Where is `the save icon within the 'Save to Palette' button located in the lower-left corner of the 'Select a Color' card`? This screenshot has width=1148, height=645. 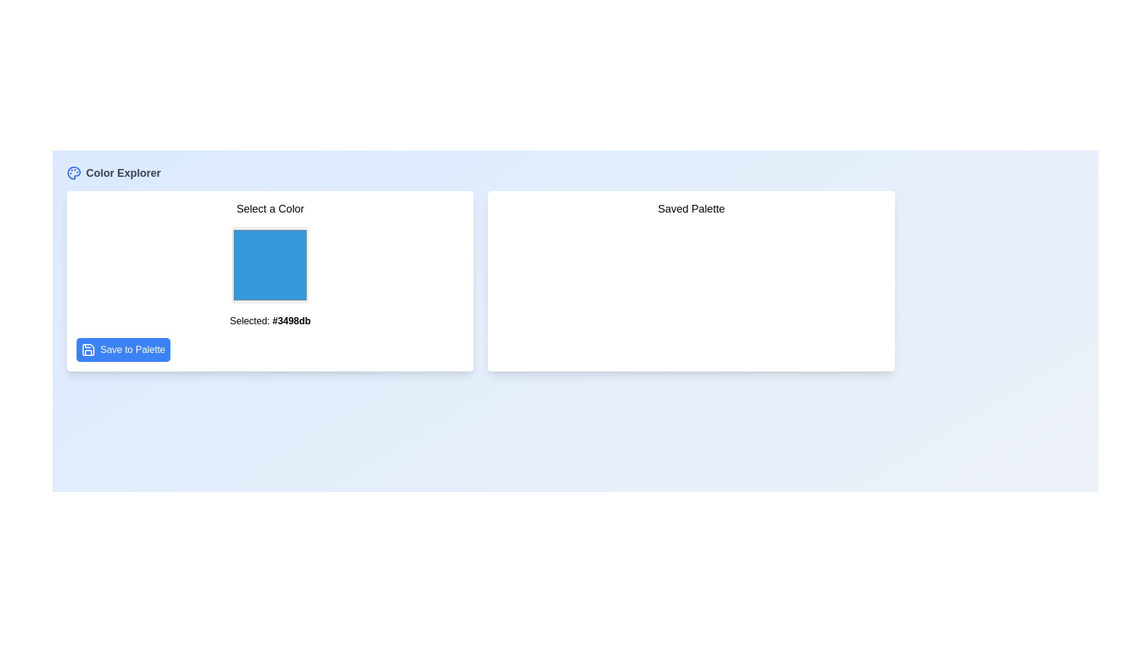
the save icon within the 'Save to Palette' button located in the lower-left corner of the 'Select a Color' card is located at coordinates (88, 349).